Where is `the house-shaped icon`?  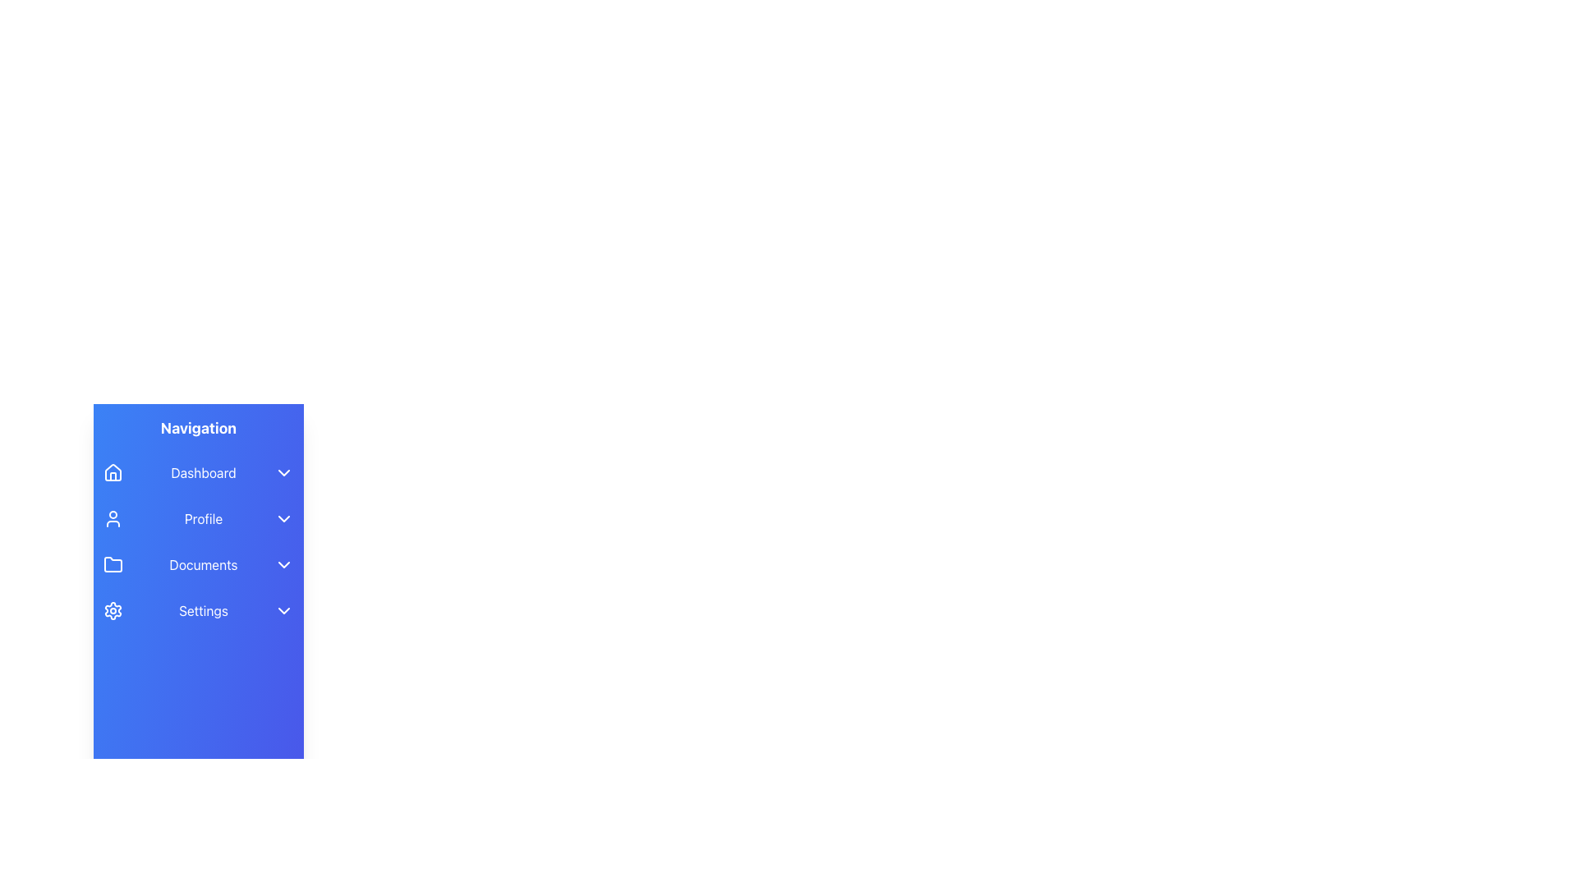
the house-shaped icon is located at coordinates (113, 472).